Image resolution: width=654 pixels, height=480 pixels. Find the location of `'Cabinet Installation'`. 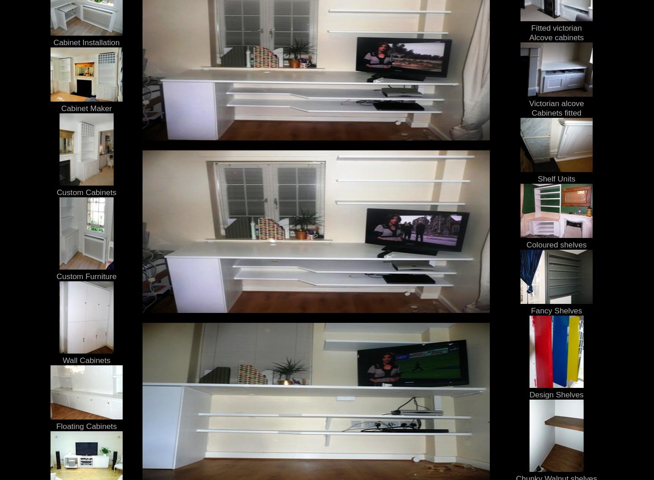

'Cabinet Installation' is located at coordinates (86, 42).